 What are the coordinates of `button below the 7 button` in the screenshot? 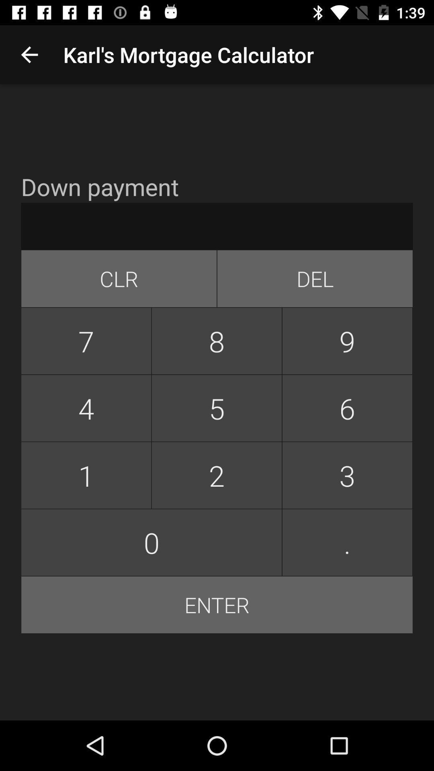 It's located at (86, 408).